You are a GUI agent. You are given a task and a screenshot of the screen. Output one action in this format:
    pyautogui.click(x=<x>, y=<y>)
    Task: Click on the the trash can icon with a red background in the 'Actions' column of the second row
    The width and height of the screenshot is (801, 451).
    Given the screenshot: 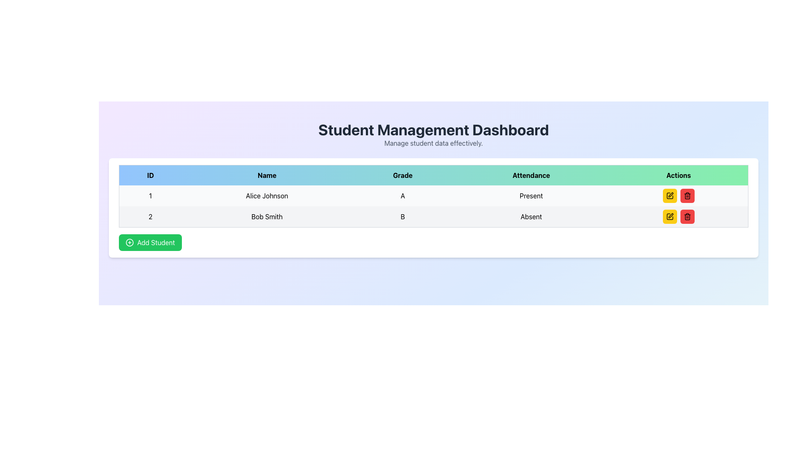 What is the action you would take?
    pyautogui.click(x=687, y=196)
    